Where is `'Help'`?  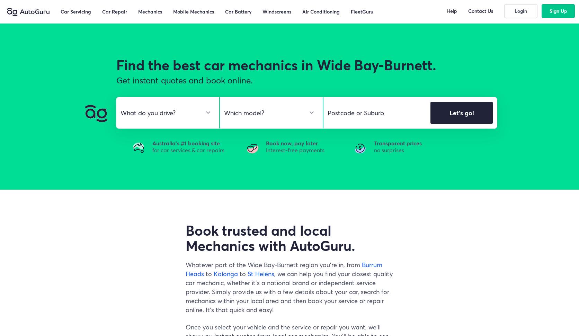
'Help' is located at coordinates (446, 11).